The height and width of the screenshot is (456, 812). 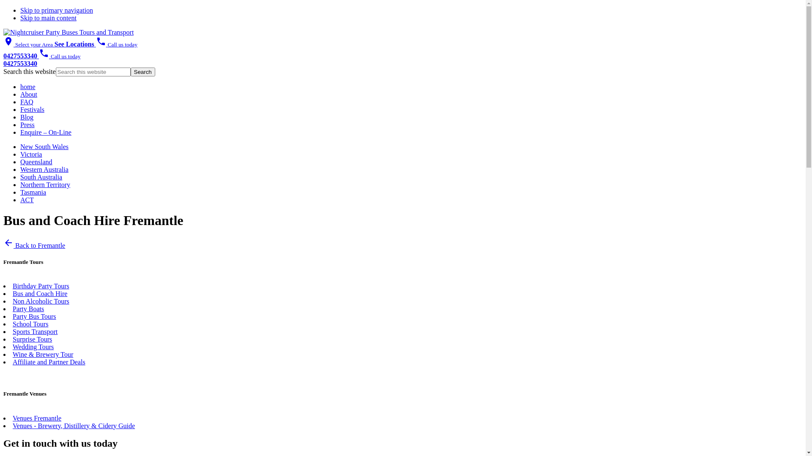 I want to click on 'Bus and Coach Hire', so click(x=12, y=293).